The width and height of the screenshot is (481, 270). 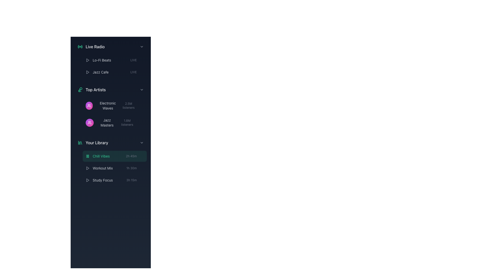 What do you see at coordinates (102, 180) in the screenshot?
I see `the 'Study Focus' text label, which is the third item in the 'Your Library' section of the sidebar, located below 'Workout Mix' and 'Chill Vibes'` at bounding box center [102, 180].